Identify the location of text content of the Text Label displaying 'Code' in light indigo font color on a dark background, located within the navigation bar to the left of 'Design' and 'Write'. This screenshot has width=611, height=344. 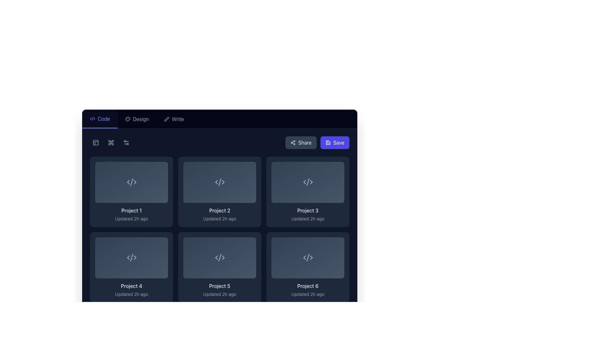
(104, 119).